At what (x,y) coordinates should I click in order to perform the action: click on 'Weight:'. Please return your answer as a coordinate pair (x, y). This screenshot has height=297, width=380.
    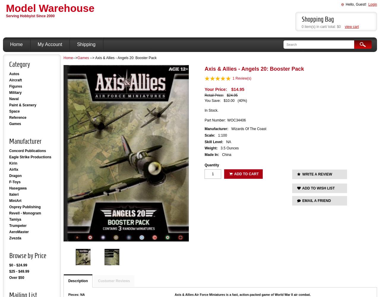
    Looking at the image, I should click on (211, 148).